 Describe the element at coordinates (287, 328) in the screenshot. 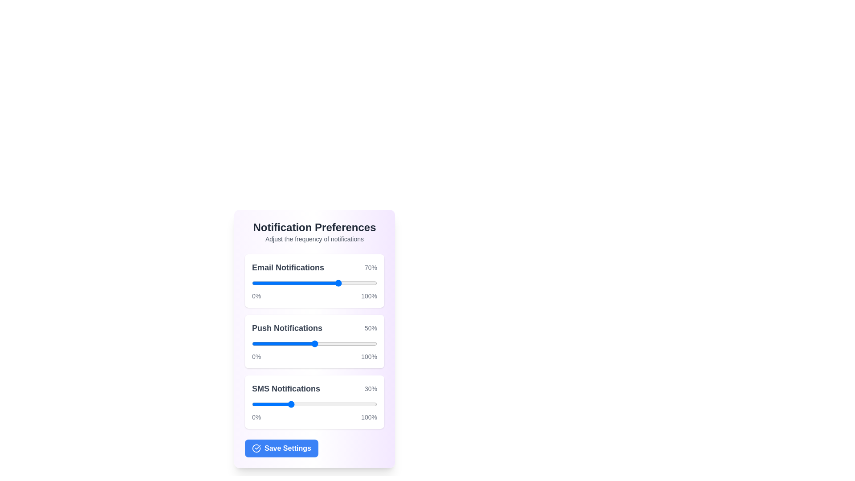

I see `the text label in the 'Push Notifications' section of the 'Notification Preferences' card to read it` at that location.